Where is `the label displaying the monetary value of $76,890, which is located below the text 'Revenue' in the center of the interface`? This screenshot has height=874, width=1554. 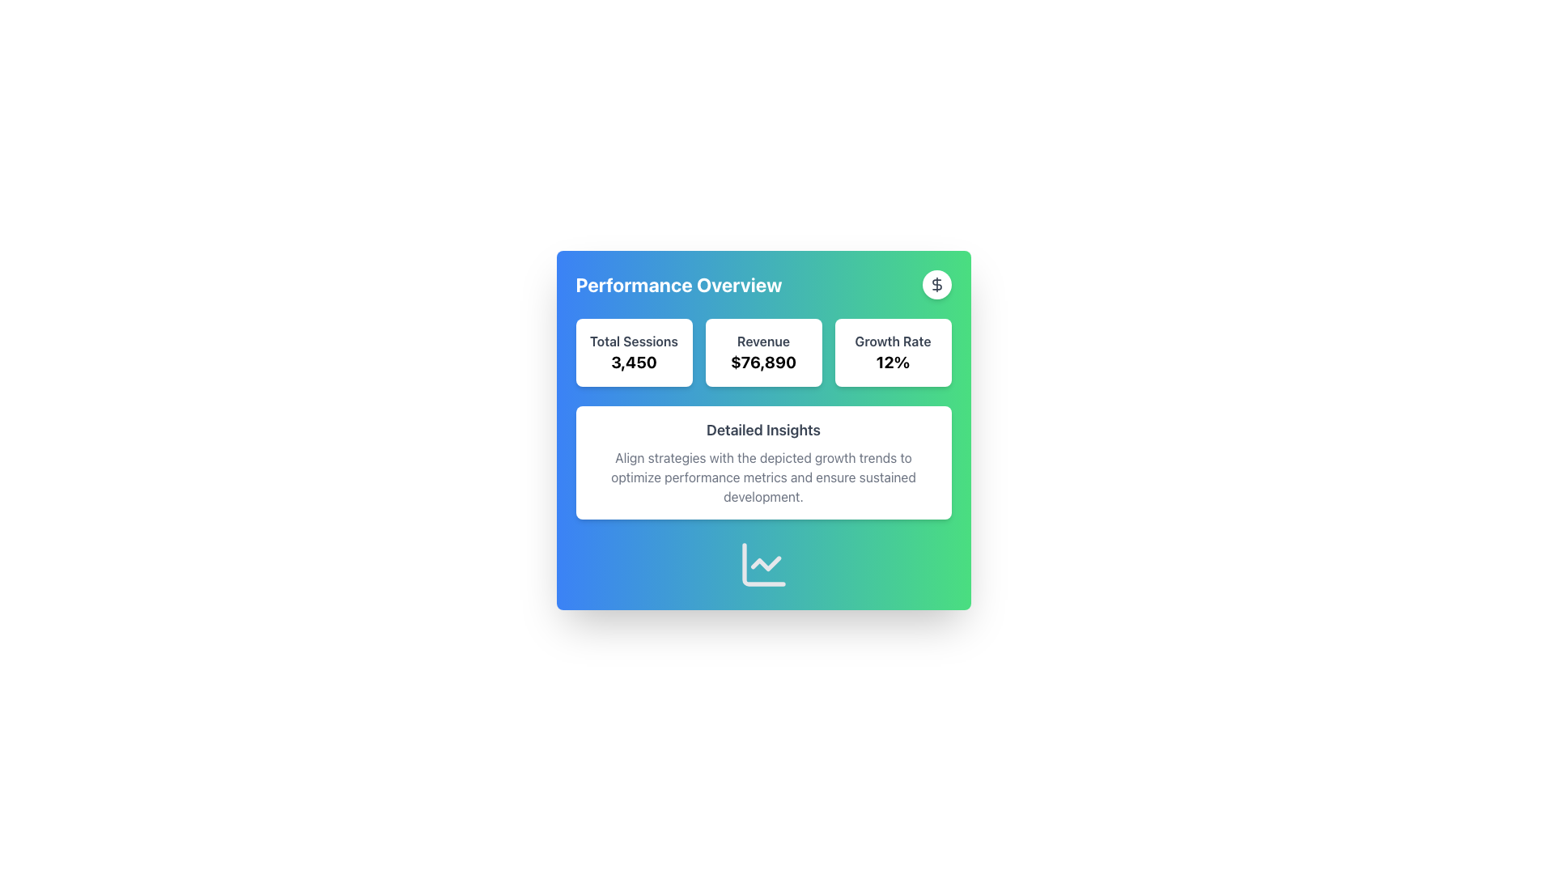 the label displaying the monetary value of $76,890, which is located below the text 'Revenue' in the center of the interface is located at coordinates (762, 361).